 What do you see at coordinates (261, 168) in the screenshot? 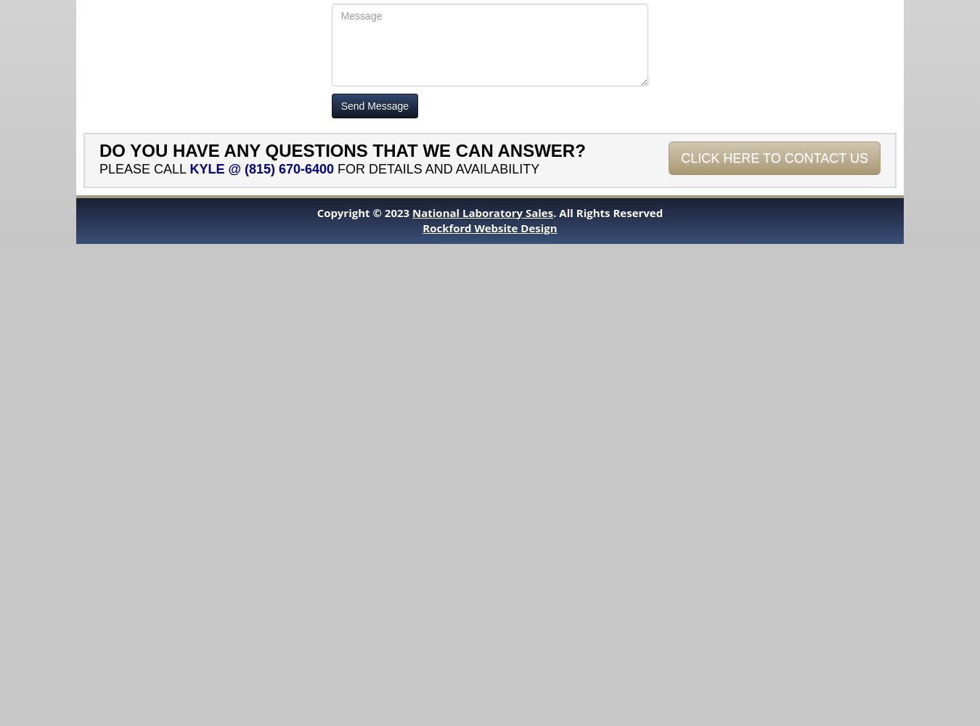
I see `'Kyle @ (815) 670-6400'` at bounding box center [261, 168].